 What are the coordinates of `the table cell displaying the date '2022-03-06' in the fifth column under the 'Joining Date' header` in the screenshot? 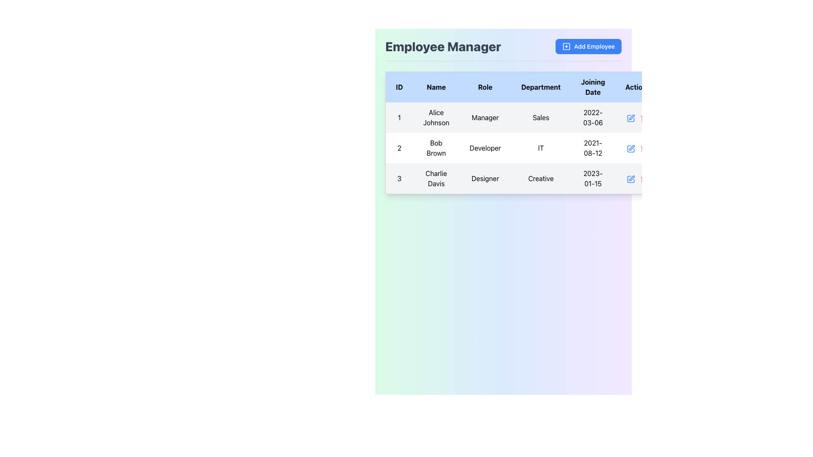 It's located at (592, 117).